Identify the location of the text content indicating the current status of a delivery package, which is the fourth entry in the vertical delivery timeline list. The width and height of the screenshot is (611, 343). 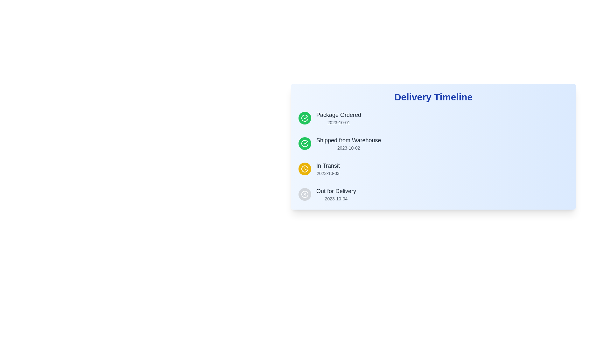
(336, 194).